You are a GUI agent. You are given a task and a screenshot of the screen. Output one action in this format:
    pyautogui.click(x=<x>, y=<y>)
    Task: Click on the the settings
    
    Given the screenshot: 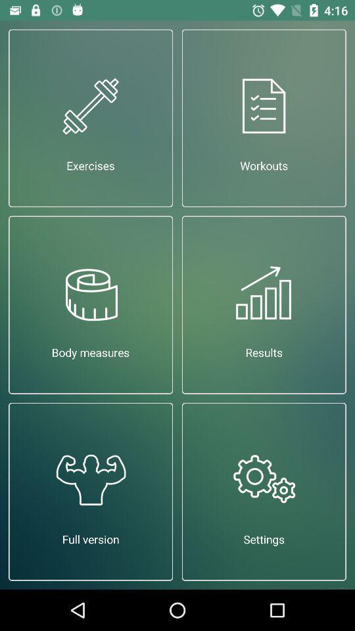 What is the action you would take?
    pyautogui.click(x=264, y=491)
    